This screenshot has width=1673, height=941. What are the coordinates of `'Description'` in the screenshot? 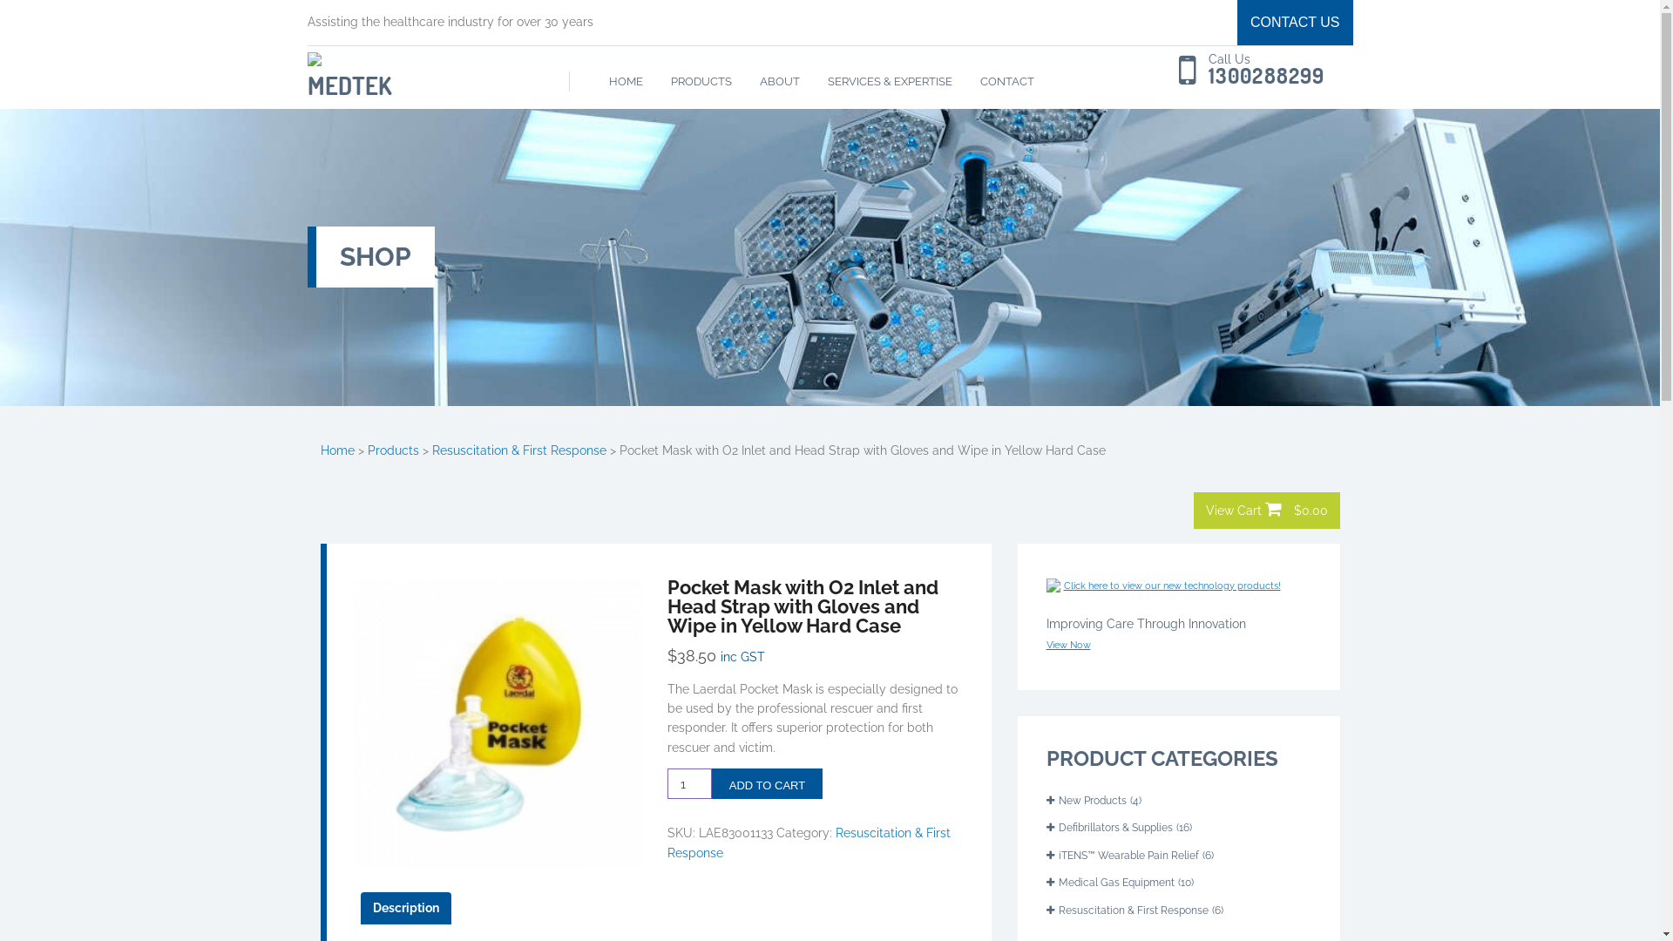 It's located at (404, 906).